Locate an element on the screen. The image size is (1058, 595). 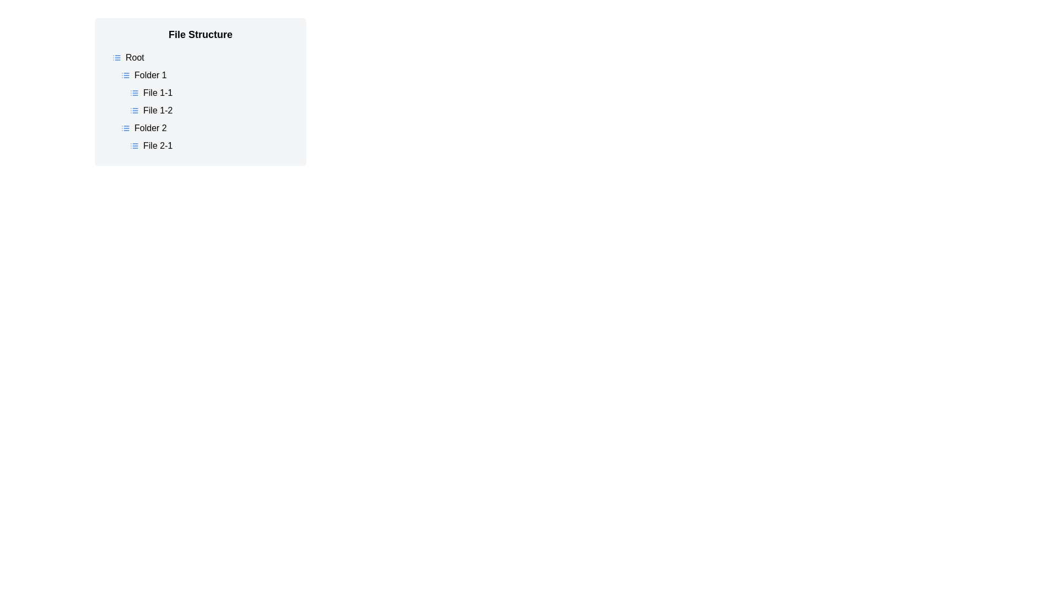
the blue-colored list icon located to the left of the 'Folder 1' entry in the file structure hierarchy is located at coordinates (125, 75).